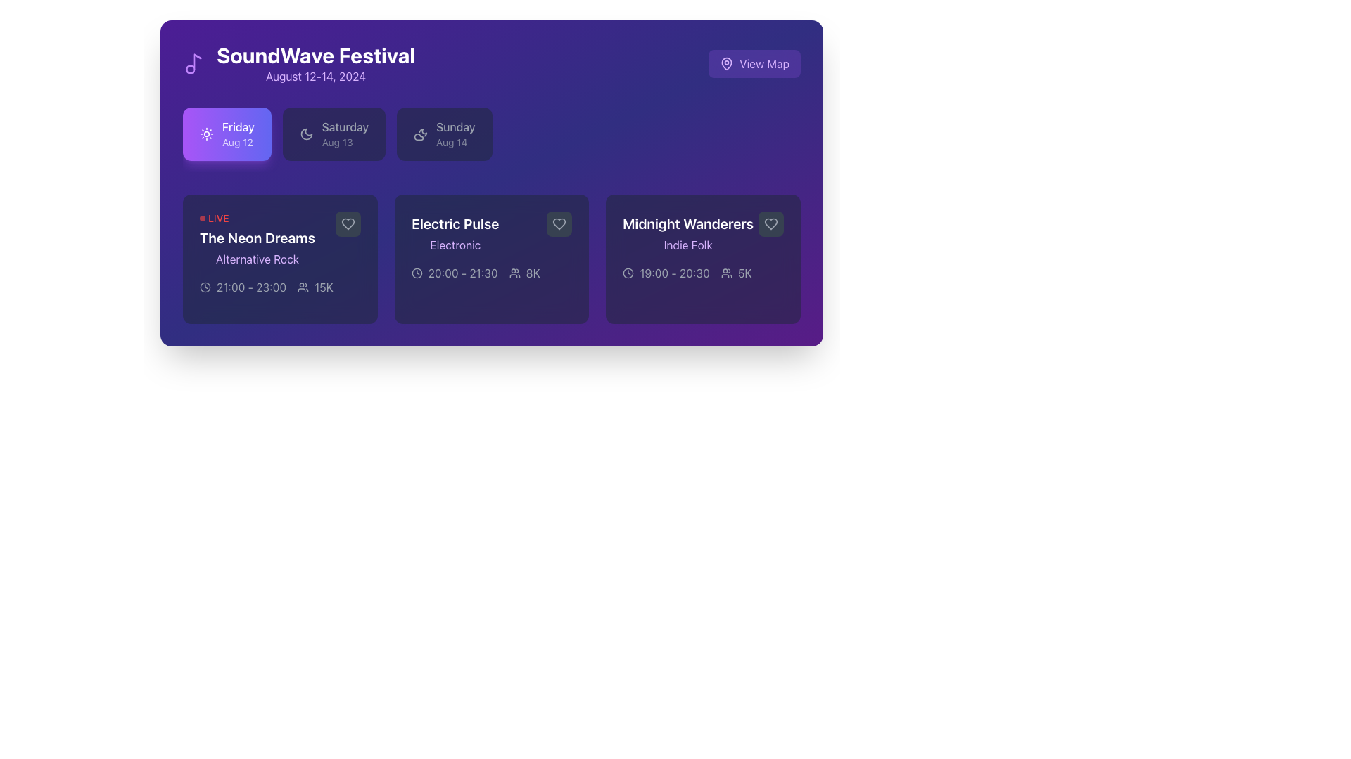  Describe the element at coordinates (674, 273) in the screenshot. I see `time range displayed on the text label showing '19:00 - 20:30' in white sans-serif font on a dark purple background, located at the bottom of the 'Midnight Wanderers' event card` at that location.